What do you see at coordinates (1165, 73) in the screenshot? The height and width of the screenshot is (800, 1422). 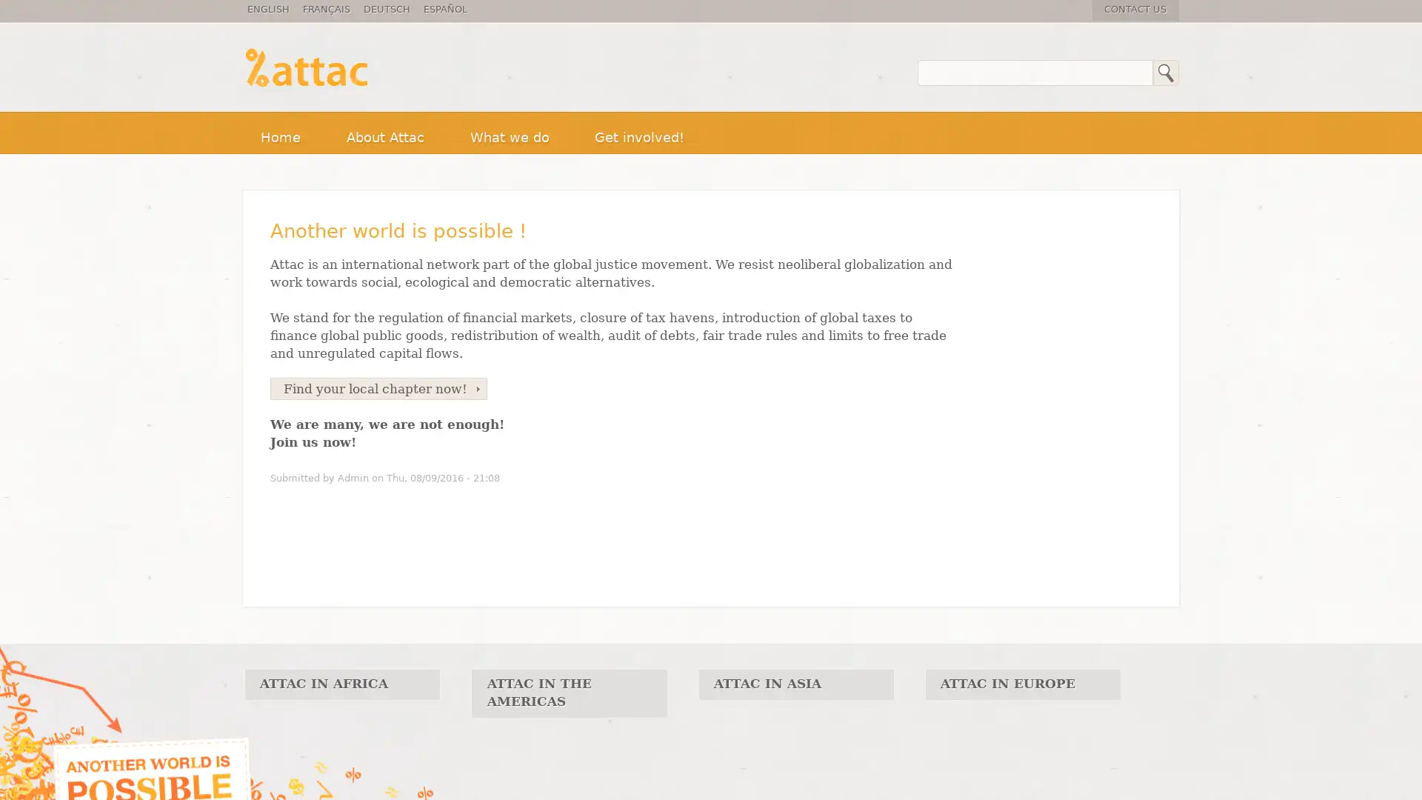 I see `Search` at bounding box center [1165, 73].